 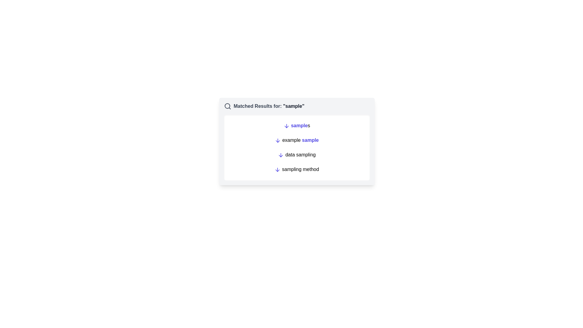 I want to click on the first list item that serves as a selectable option for filtering or navigating to content related to 'samples', so click(x=297, y=125).